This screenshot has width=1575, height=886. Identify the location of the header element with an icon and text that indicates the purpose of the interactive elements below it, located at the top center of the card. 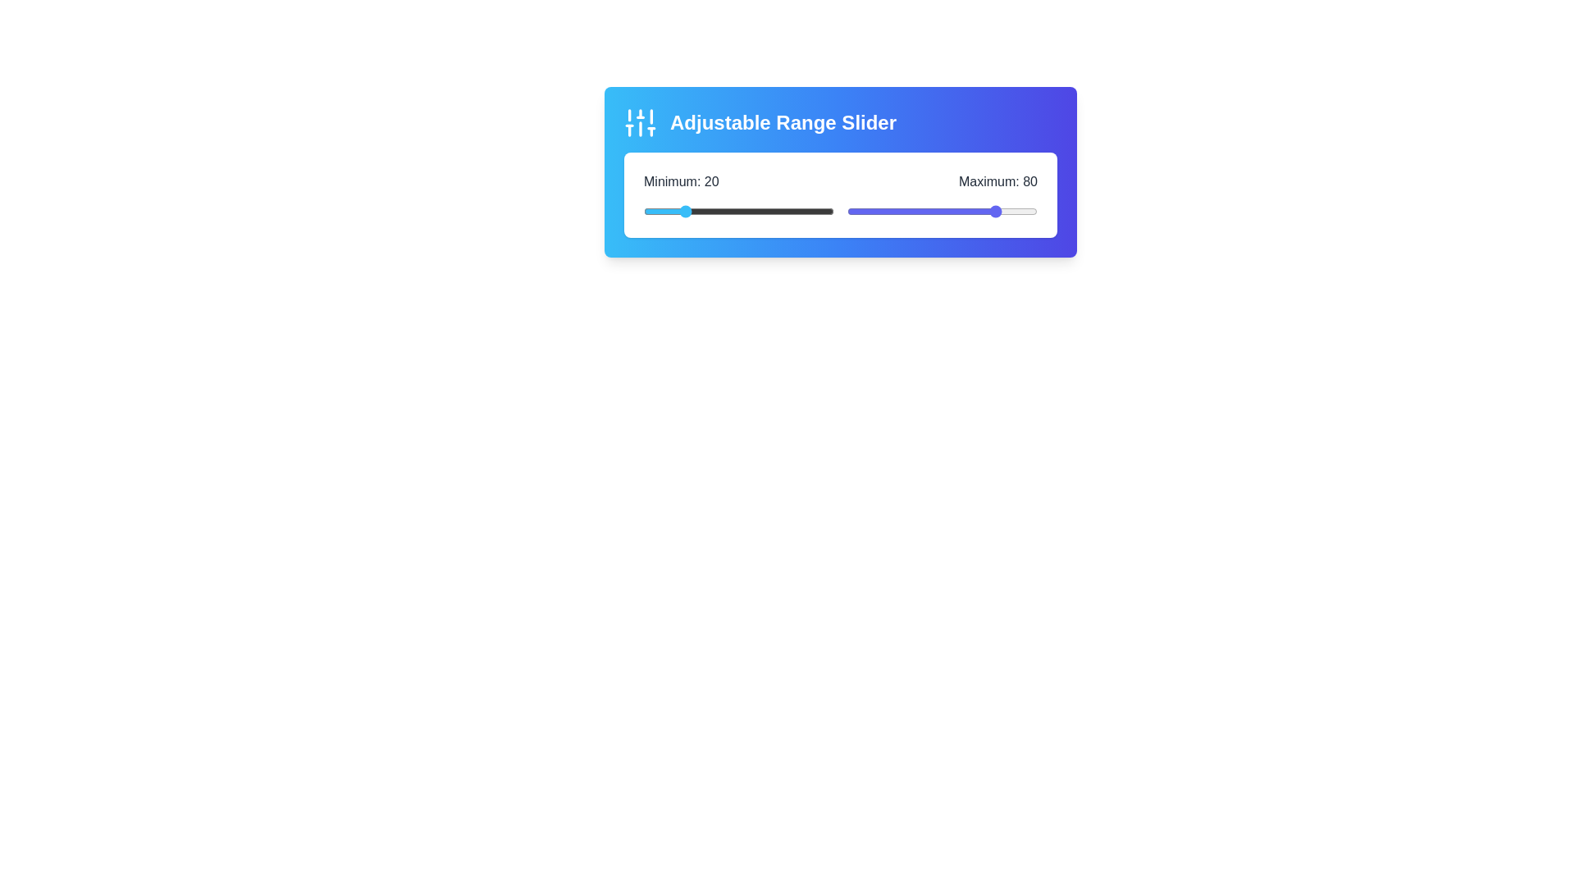
(841, 122).